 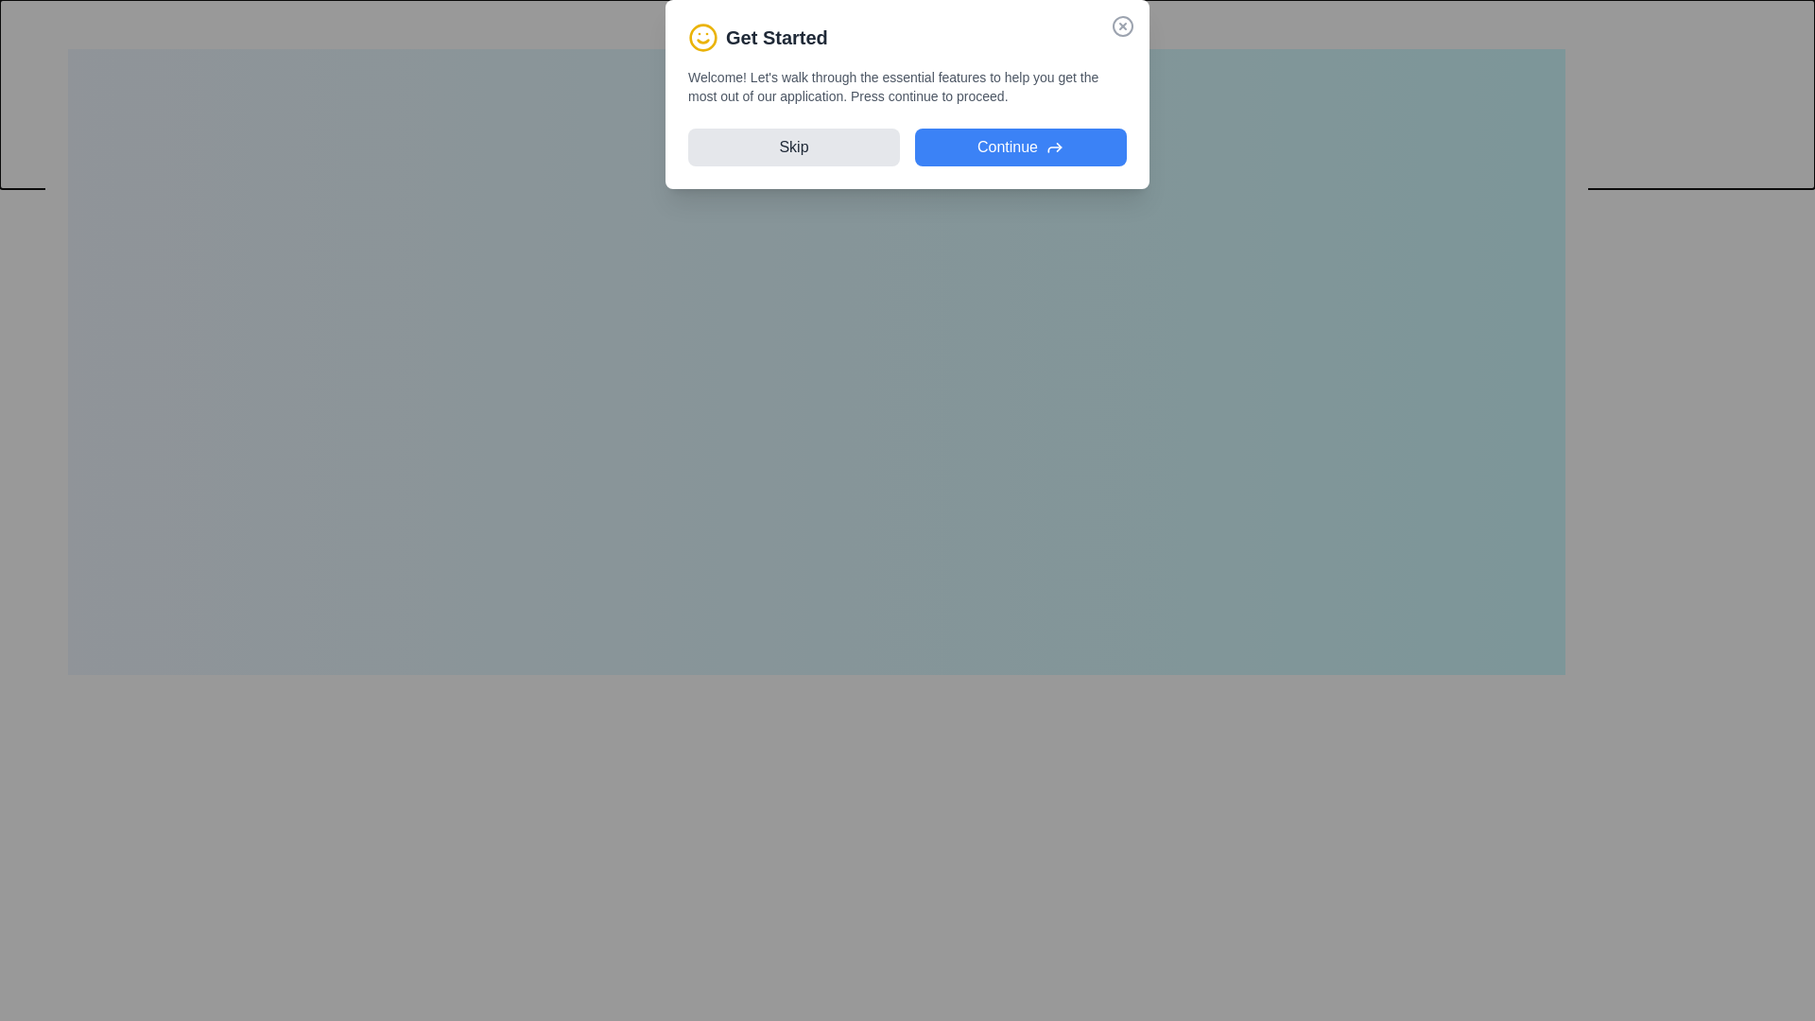 I want to click on the close button (X) to close the dialog, so click(x=1569, y=43).